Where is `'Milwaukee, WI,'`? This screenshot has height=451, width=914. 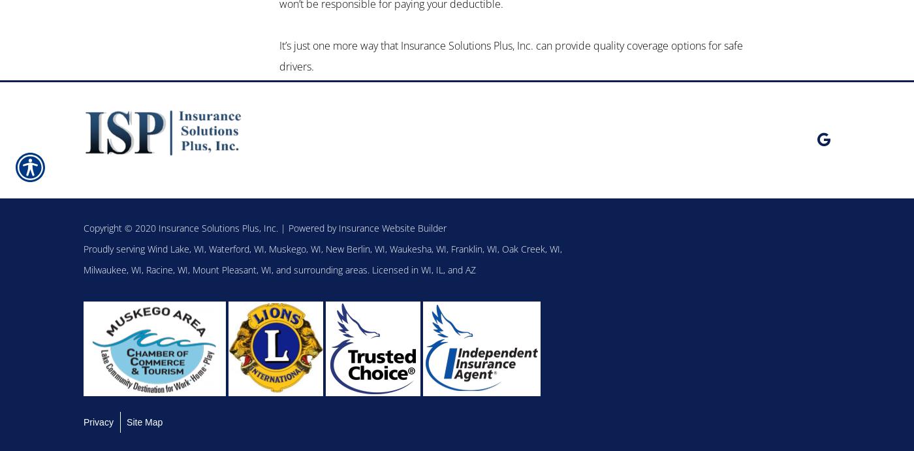
'Milwaukee, WI,' is located at coordinates (114, 269).